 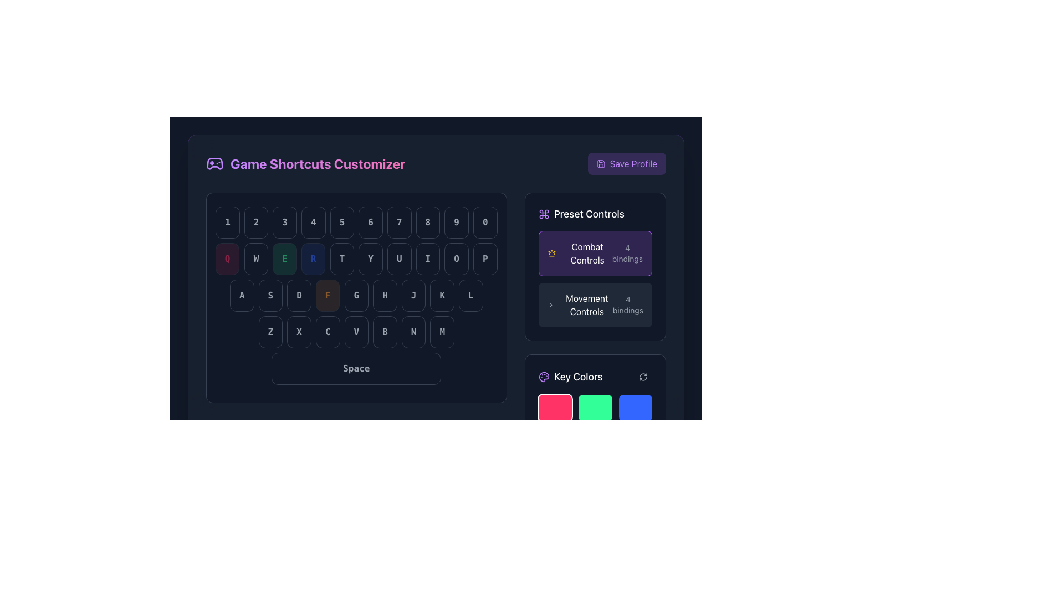 What do you see at coordinates (313, 259) in the screenshot?
I see `the 'Reload' button, which is the fifth button in a horizontal sequence of similar buttons` at bounding box center [313, 259].